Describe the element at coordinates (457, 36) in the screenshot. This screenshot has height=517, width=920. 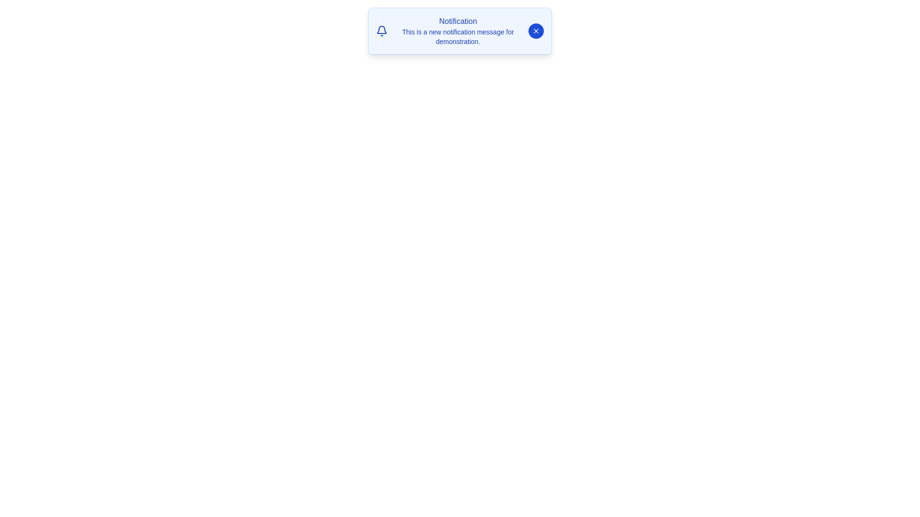
I see `the textual notification message that reads 'This is a new notification message for demonstration.' which is styled in blue and located below the title 'Notification'` at that location.